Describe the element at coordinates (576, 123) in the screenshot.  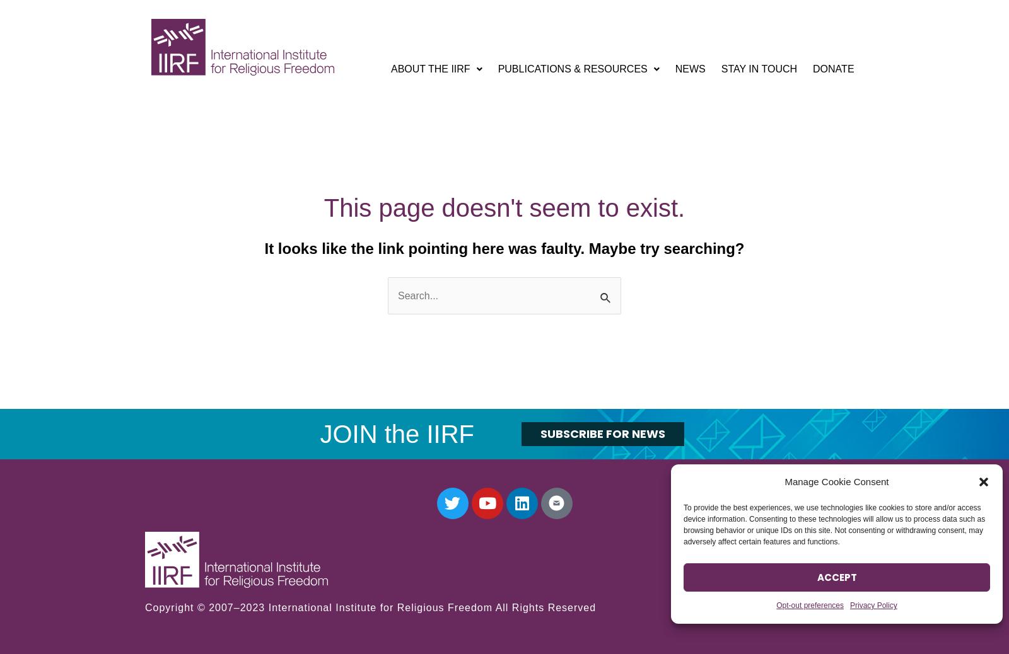
I see `'International Journal for Religious Freedom (IJRF)'` at that location.